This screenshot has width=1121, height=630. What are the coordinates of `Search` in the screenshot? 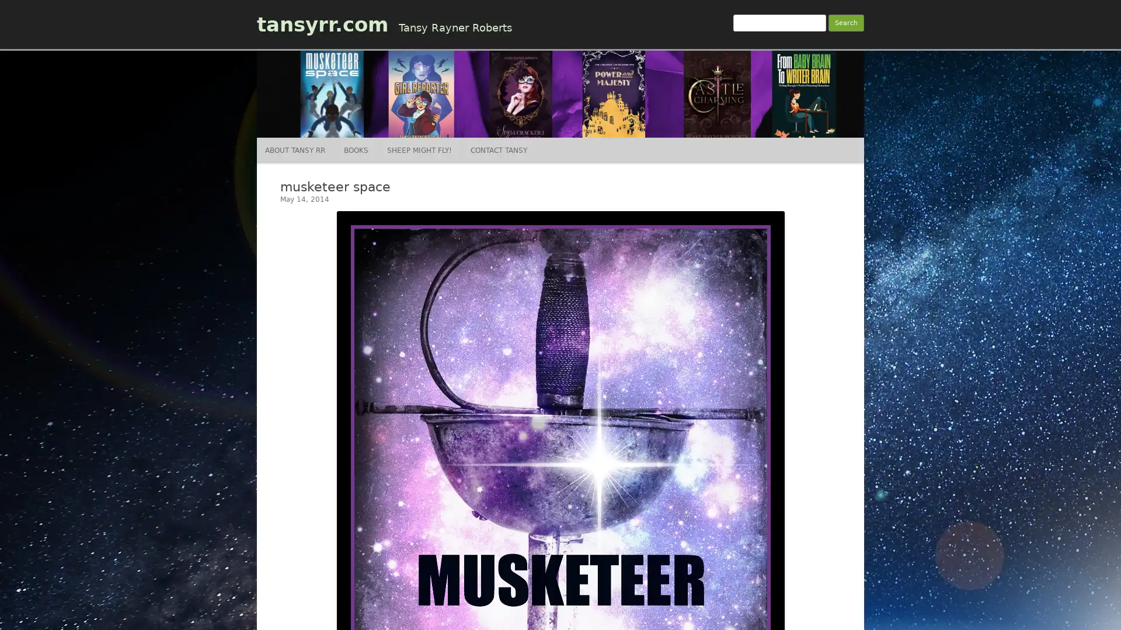 It's located at (846, 23).